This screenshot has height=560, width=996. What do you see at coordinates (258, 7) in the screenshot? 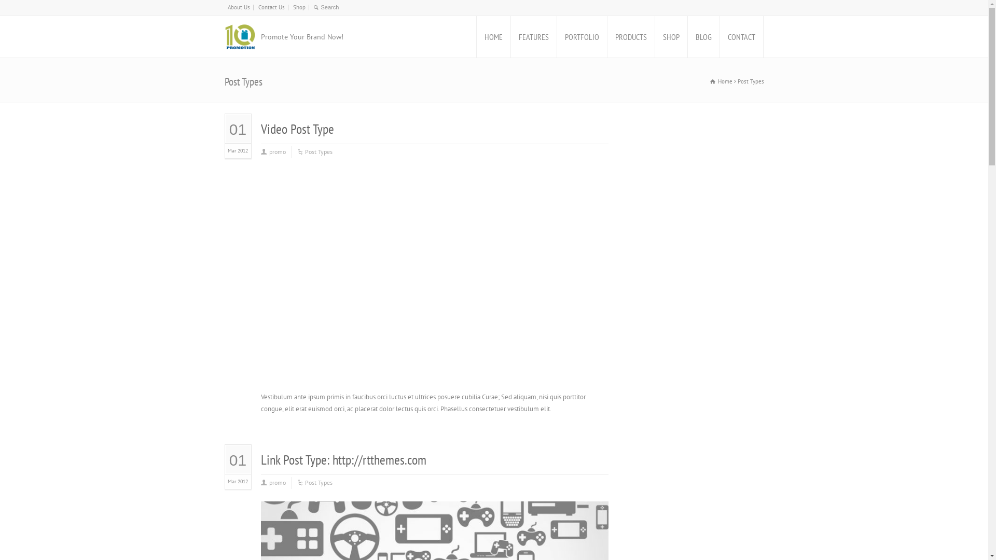
I see `'Contact Us'` at bounding box center [258, 7].